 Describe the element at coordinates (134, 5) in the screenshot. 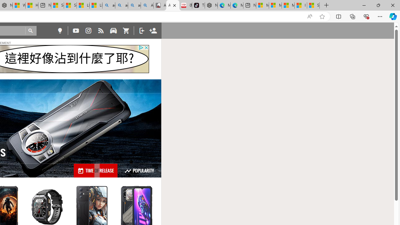

I see `'amazon - Search Images'` at that location.